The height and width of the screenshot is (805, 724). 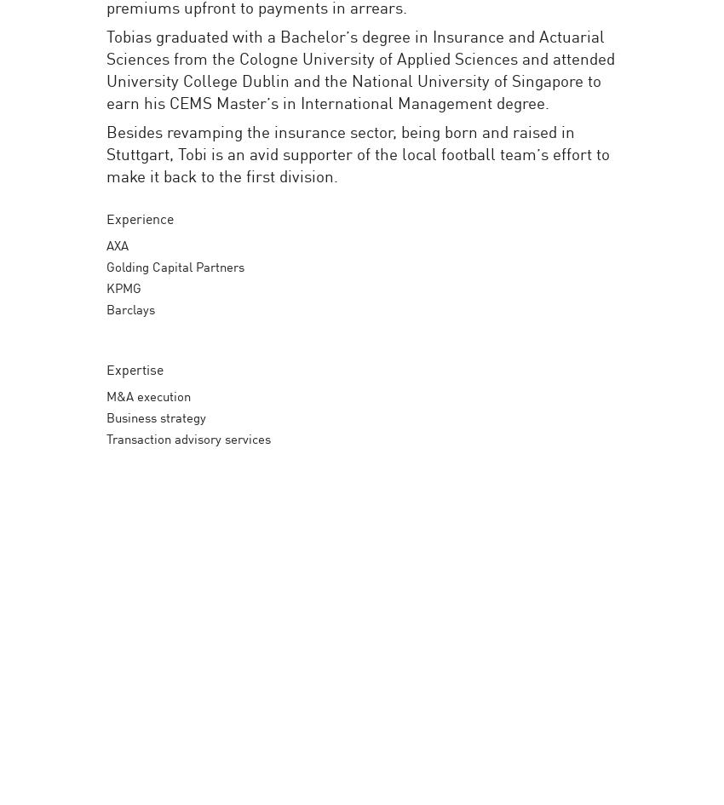 I want to click on ',', so click(x=696, y=196).